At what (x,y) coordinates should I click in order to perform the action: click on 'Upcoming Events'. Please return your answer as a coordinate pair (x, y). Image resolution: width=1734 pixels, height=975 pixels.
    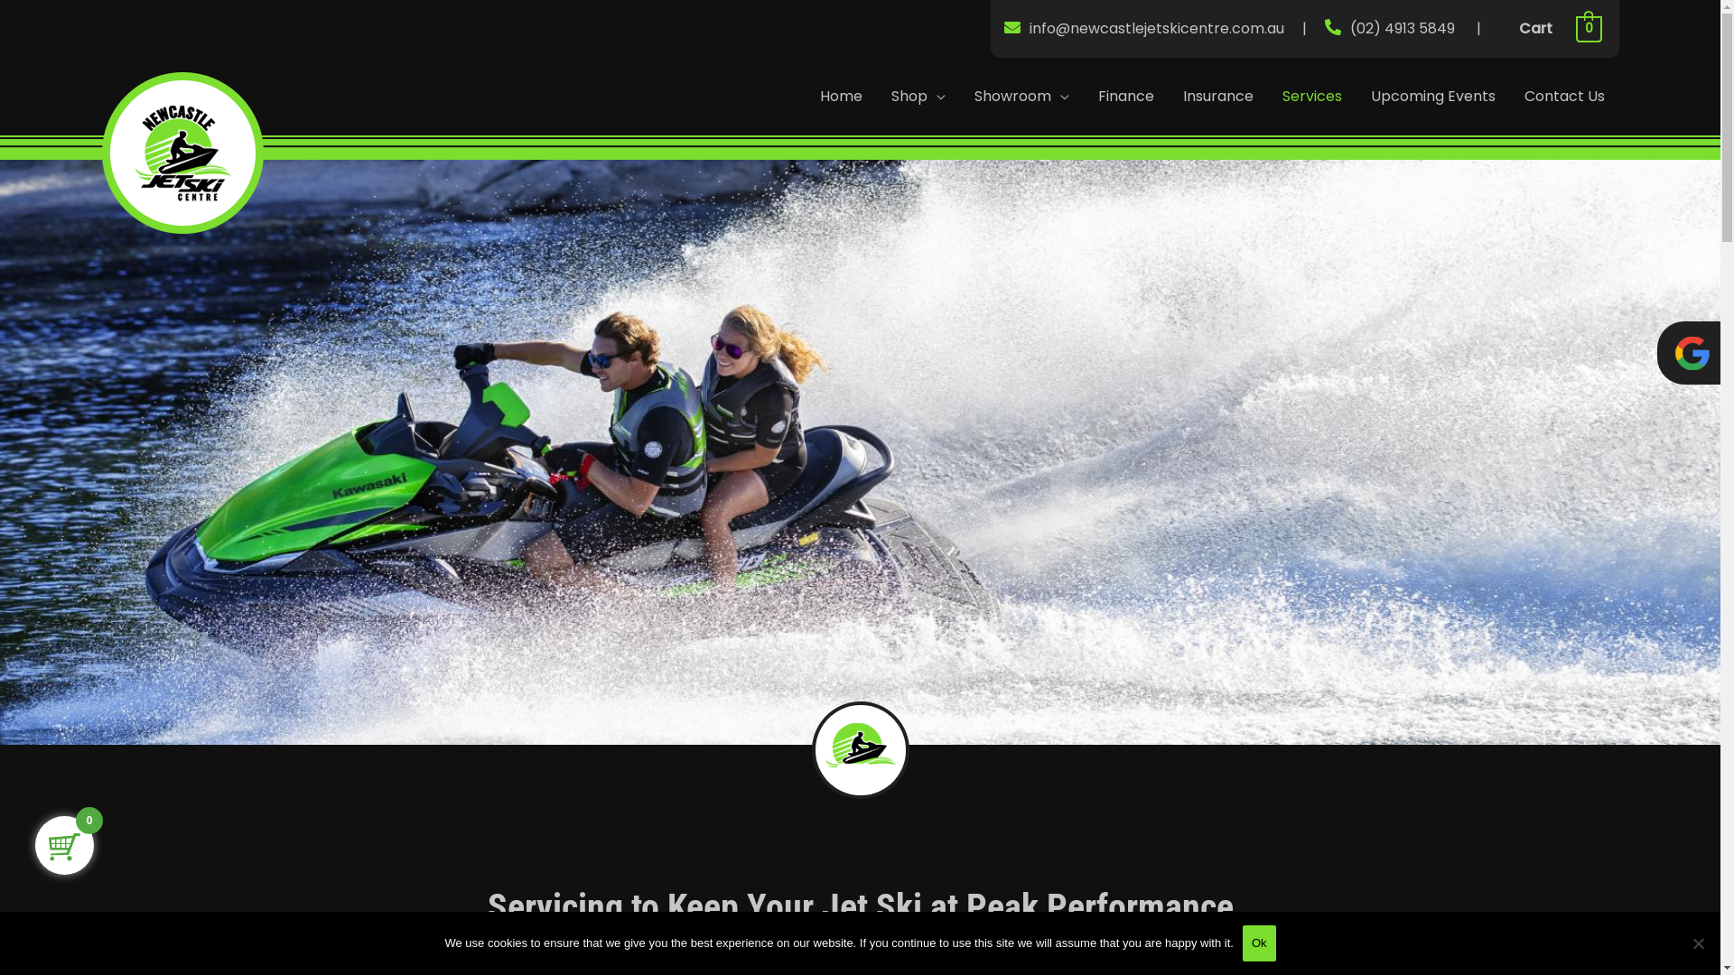
    Looking at the image, I should click on (1432, 97).